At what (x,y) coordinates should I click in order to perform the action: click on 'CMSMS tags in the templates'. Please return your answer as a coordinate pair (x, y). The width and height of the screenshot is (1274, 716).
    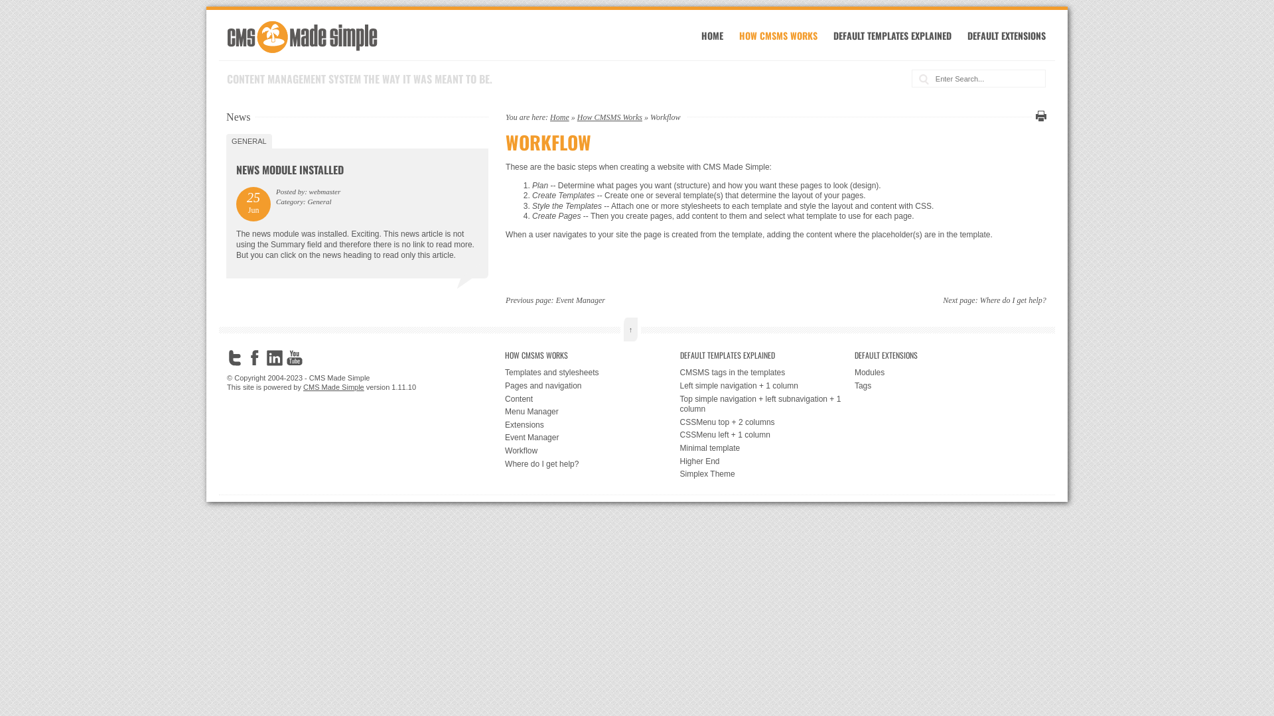
    Looking at the image, I should click on (766, 373).